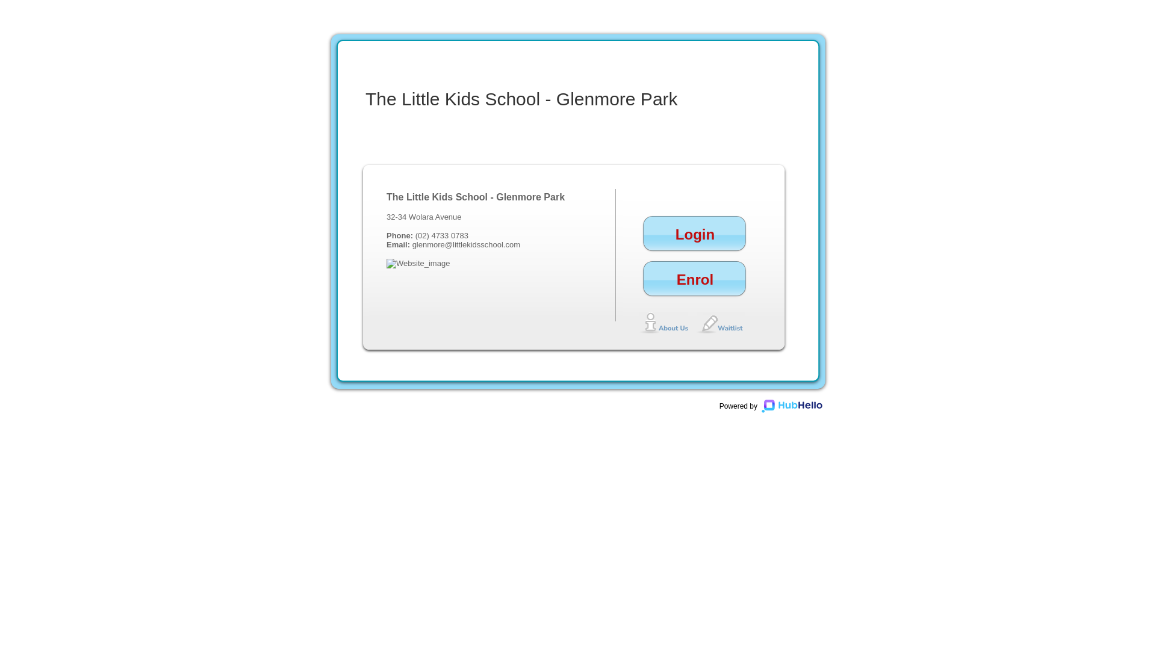 The width and height of the screenshot is (1156, 650). Describe the element at coordinates (877, 364) in the screenshot. I see `'Back'` at that location.